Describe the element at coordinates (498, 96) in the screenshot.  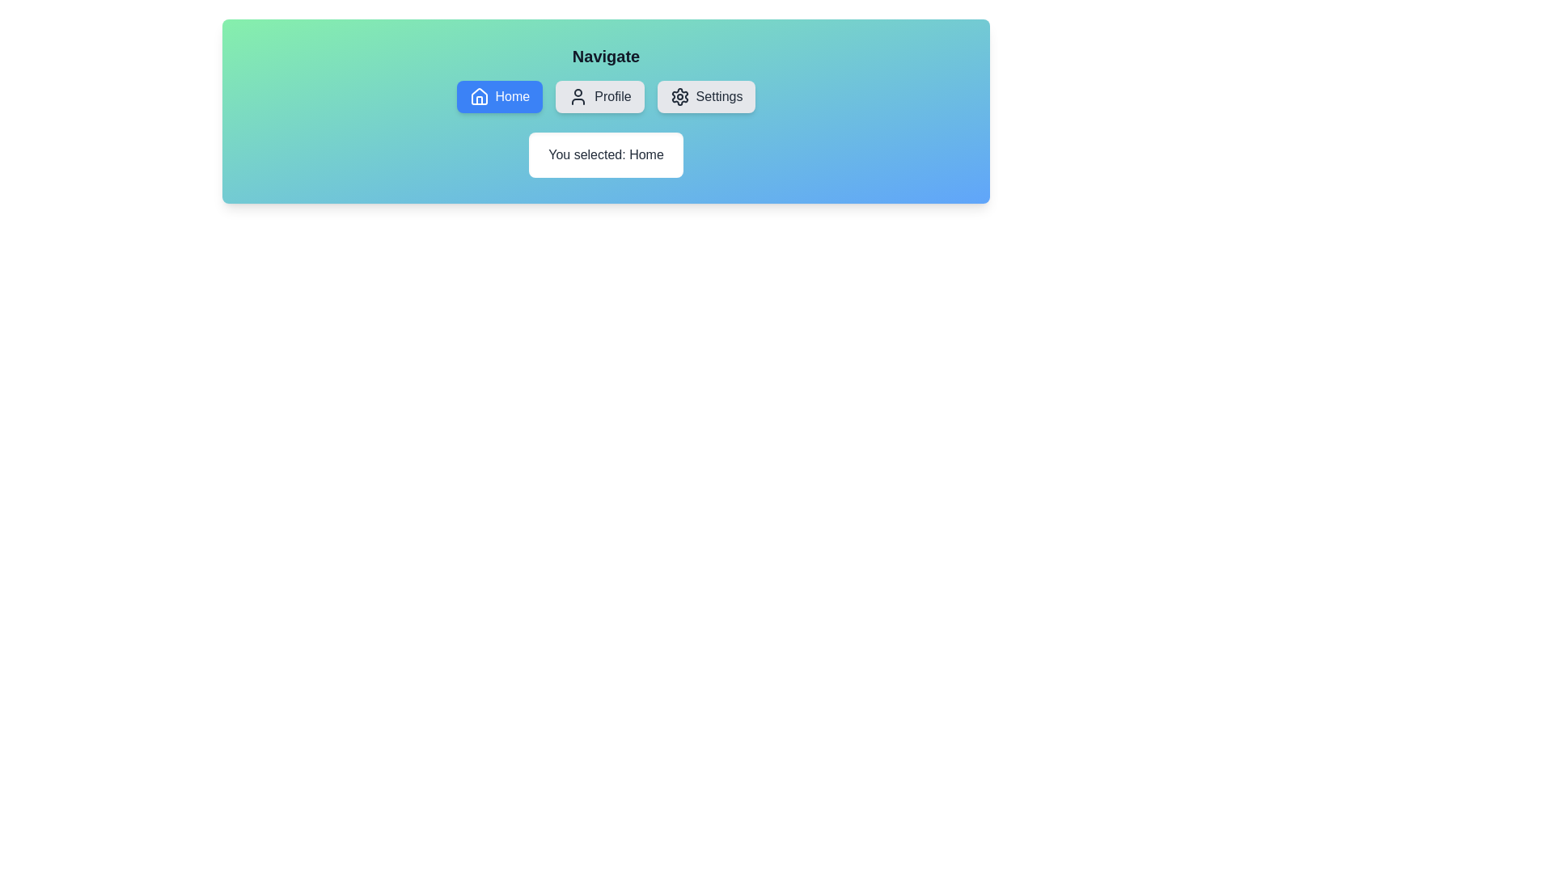
I see `the navigation option Home` at that location.